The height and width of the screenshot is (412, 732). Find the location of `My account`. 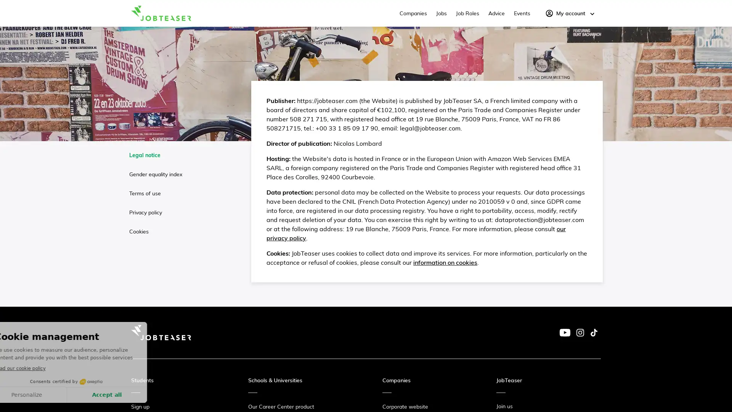

My account is located at coordinates (571, 13).